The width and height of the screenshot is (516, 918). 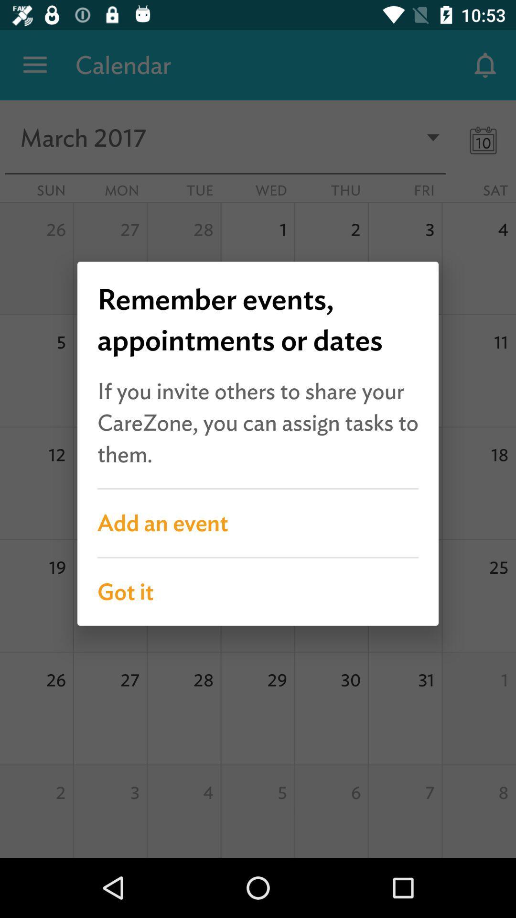 I want to click on the got it item, so click(x=258, y=591).